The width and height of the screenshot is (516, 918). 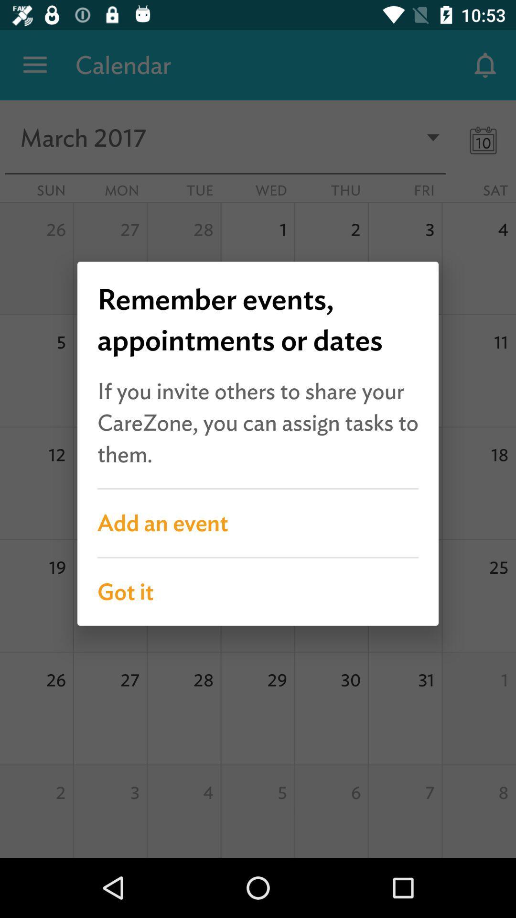 I want to click on the got it item, so click(x=258, y=591).